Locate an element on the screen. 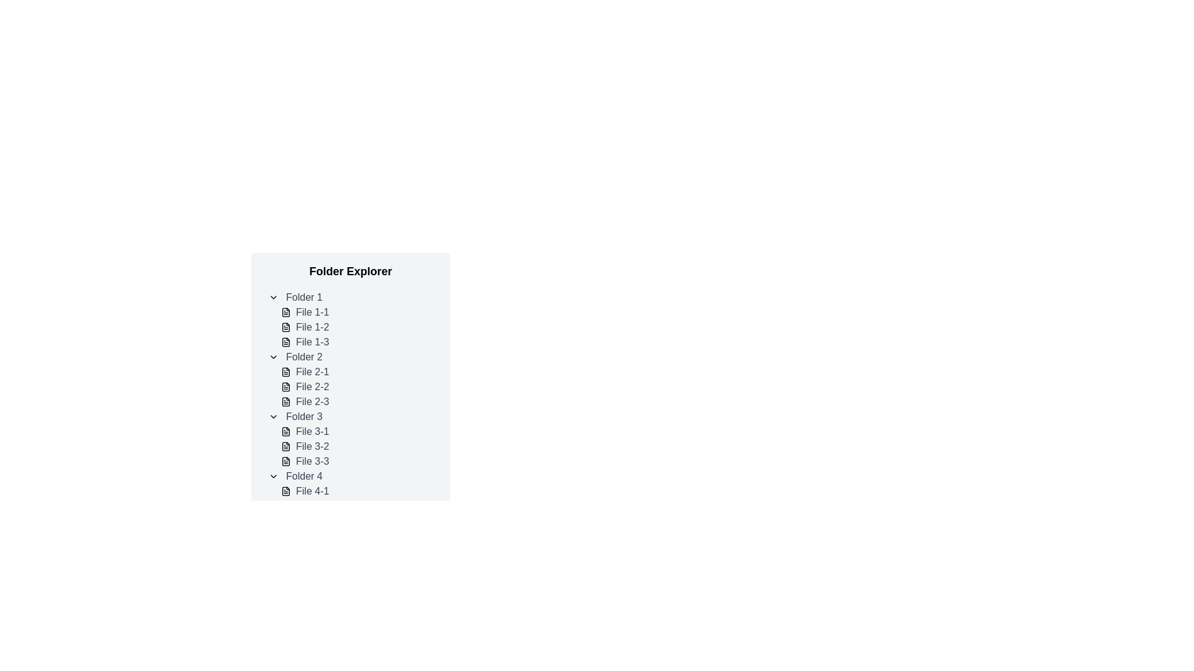 The width and height of the screenshot is (1194, 671). the toggle button is located at coordinates (273, 417).